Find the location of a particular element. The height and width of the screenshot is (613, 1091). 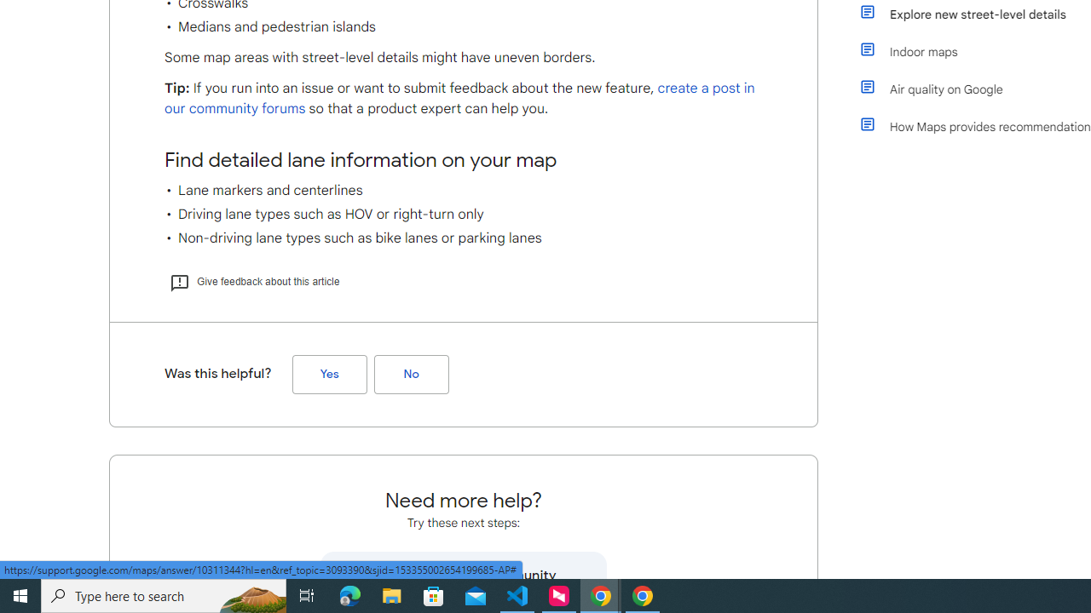

'Yes (Was this helpful?)' is located at coordinates (329, 373).